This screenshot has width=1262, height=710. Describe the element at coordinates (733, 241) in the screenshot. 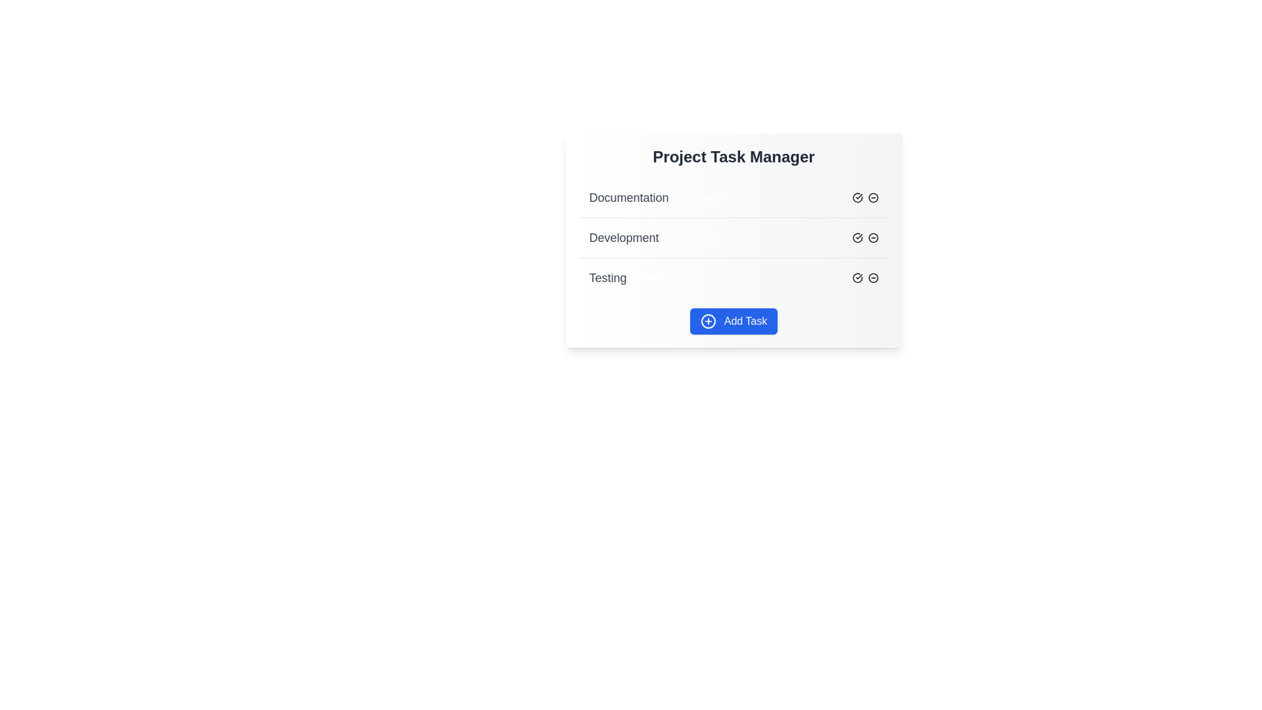

I see `the task entry displaying 'Development' with status 'In Progress' in the project task manager interface` at that location.